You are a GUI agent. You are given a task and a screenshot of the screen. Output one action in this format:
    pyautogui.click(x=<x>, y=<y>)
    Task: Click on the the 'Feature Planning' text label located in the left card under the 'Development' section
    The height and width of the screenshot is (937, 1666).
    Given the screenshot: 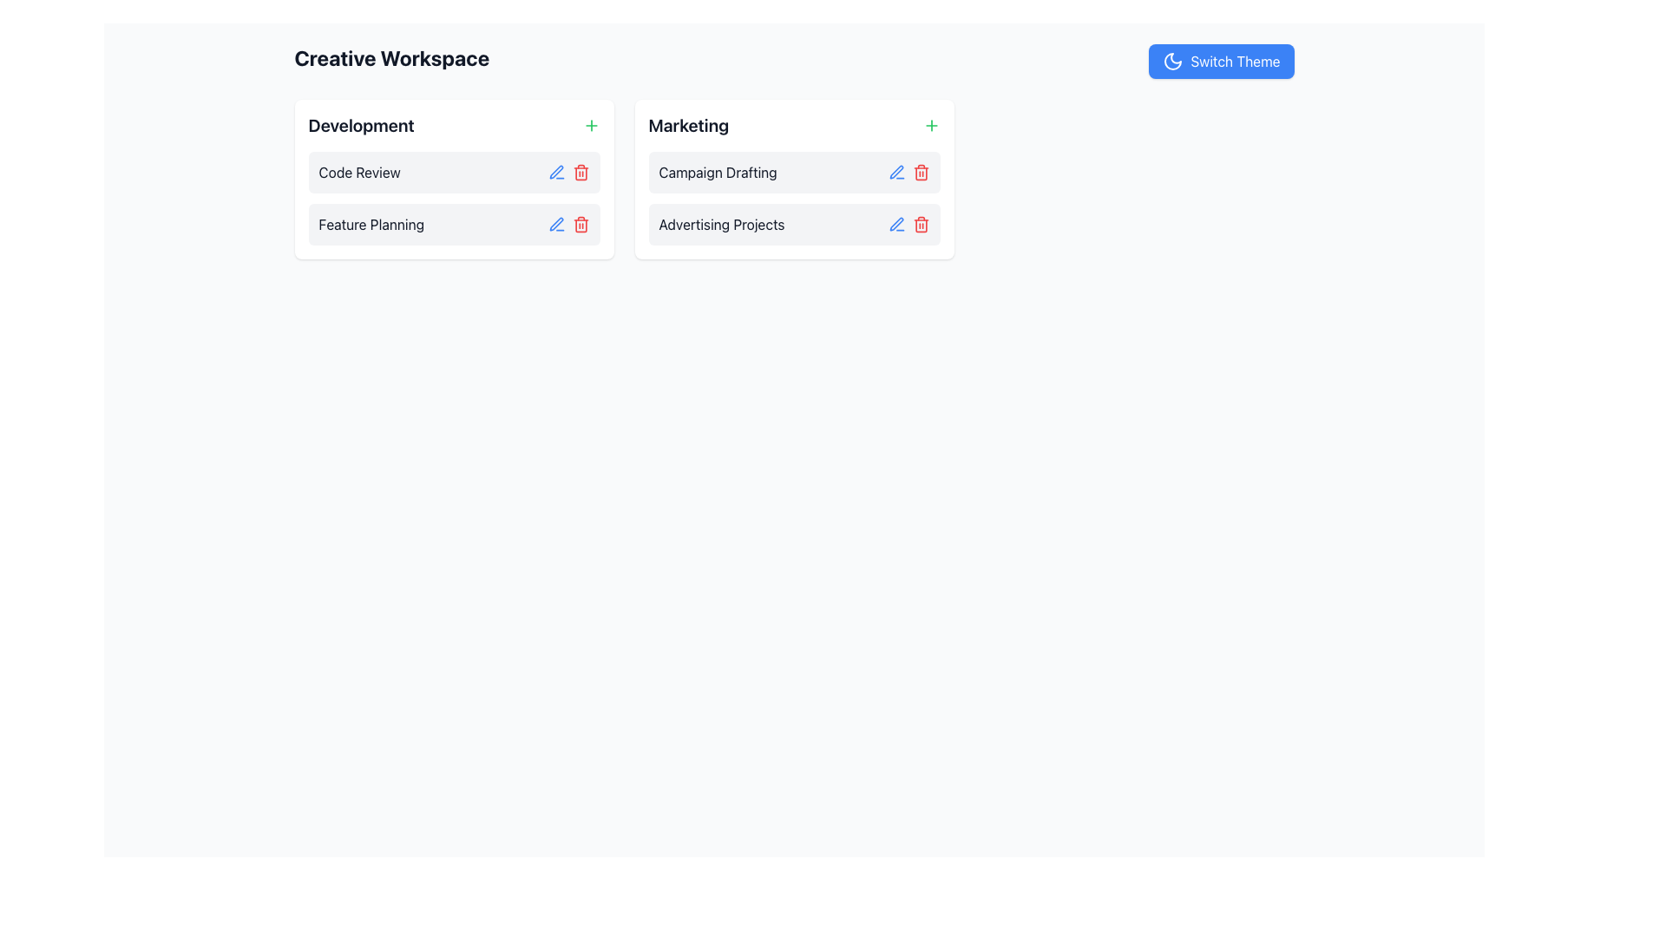 What is the action you would take?
    pyautogui.click(x=371, y=223)
    